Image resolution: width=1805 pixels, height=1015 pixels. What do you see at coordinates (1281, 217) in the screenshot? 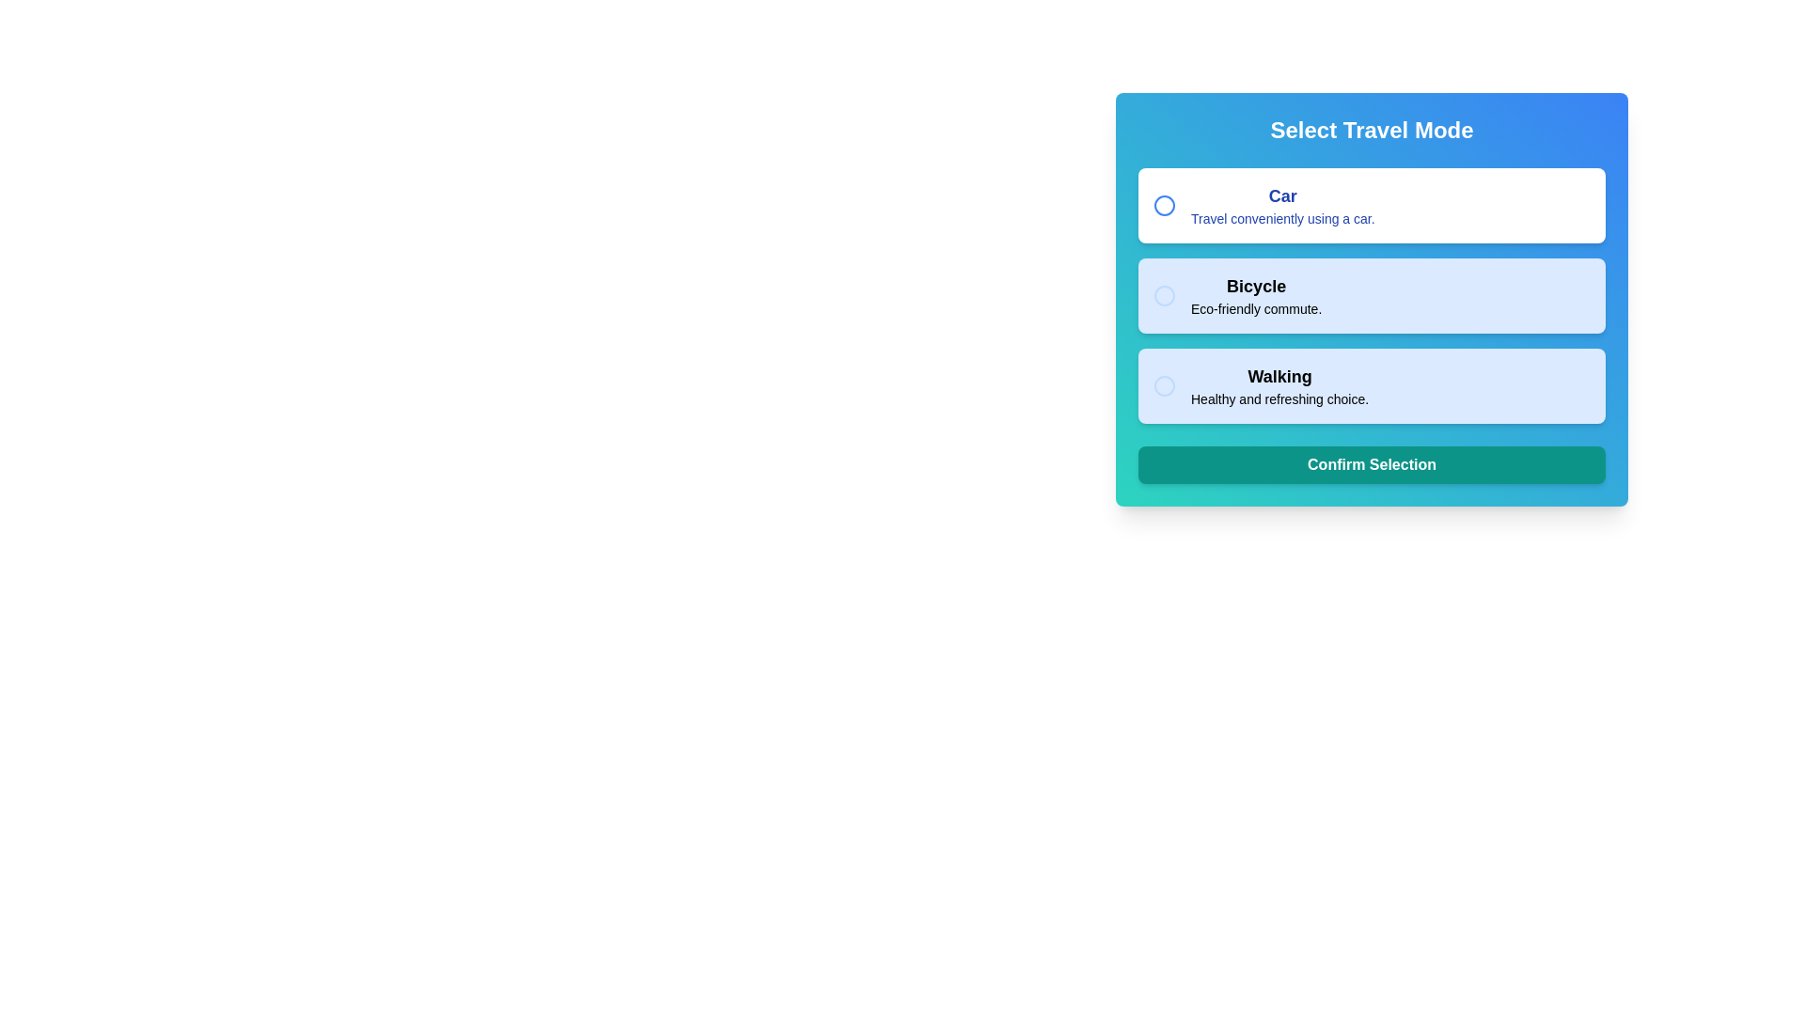
I see `the text label component that provides descriptive information about the 'Car' travel mode, located below the bold 'Car' label within a card with a blue gradient background` at bounding box center [1281, 217].